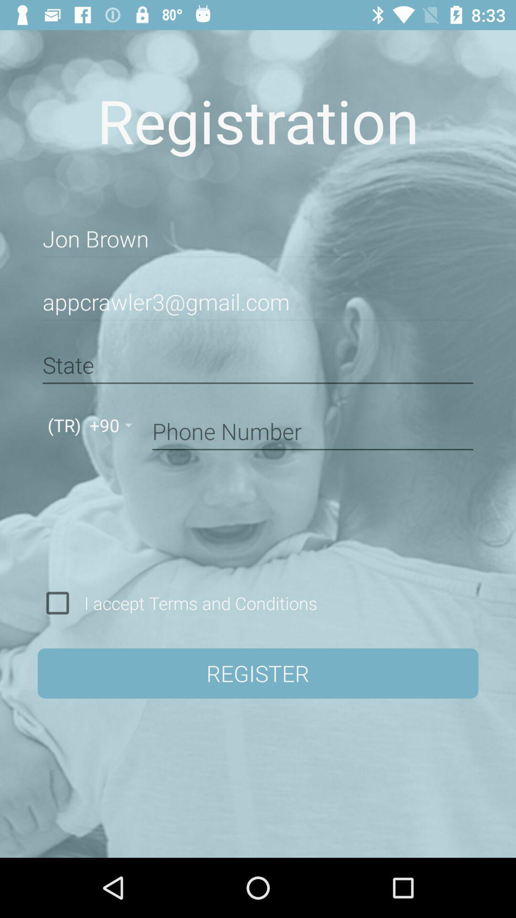 The height and width of the screenshot is (918, 516). Describe the element at coordinates (258, 365) in the screenshot. I see `state` at that location.